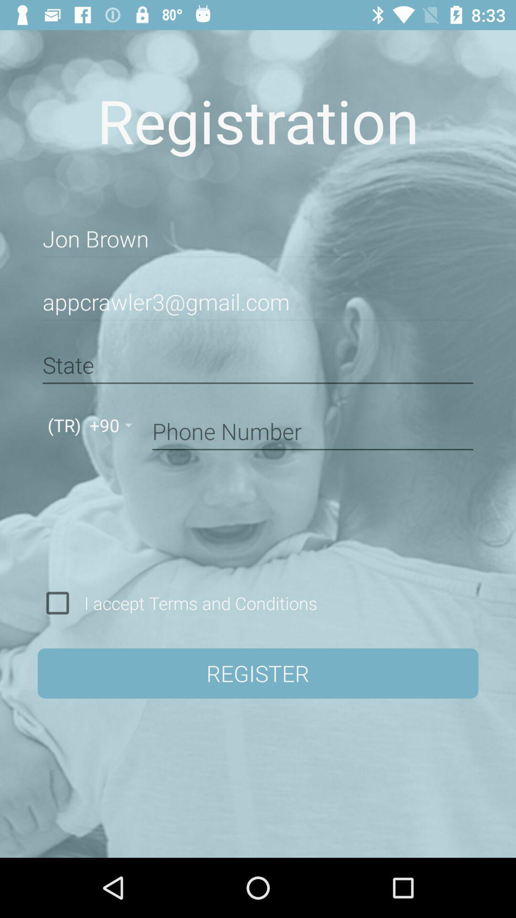 The height and width of the screenshot is (918, 516). Describe the element at coordinates (258, 365) in the screenshot. I see `state` at that location.